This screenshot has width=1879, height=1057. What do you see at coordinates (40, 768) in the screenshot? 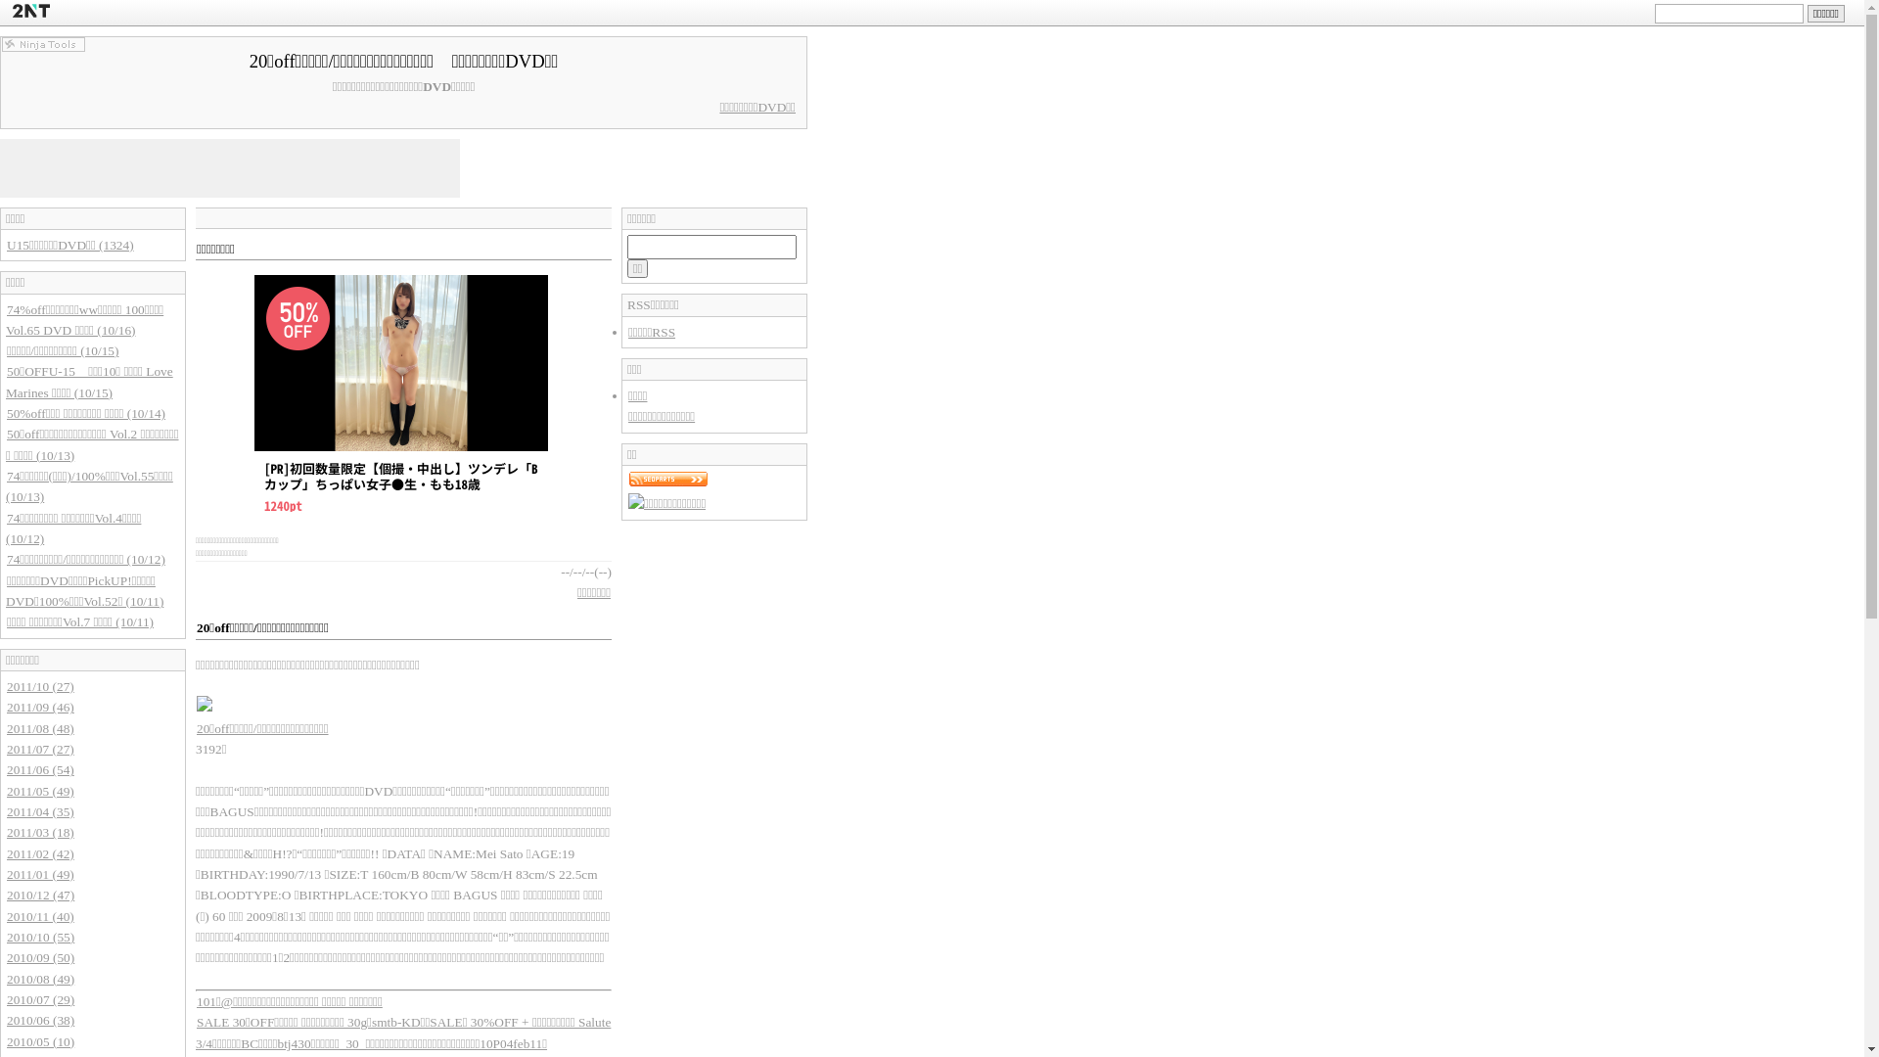
I see `'2011/06 (54)'` at bounding box center [40, 768].